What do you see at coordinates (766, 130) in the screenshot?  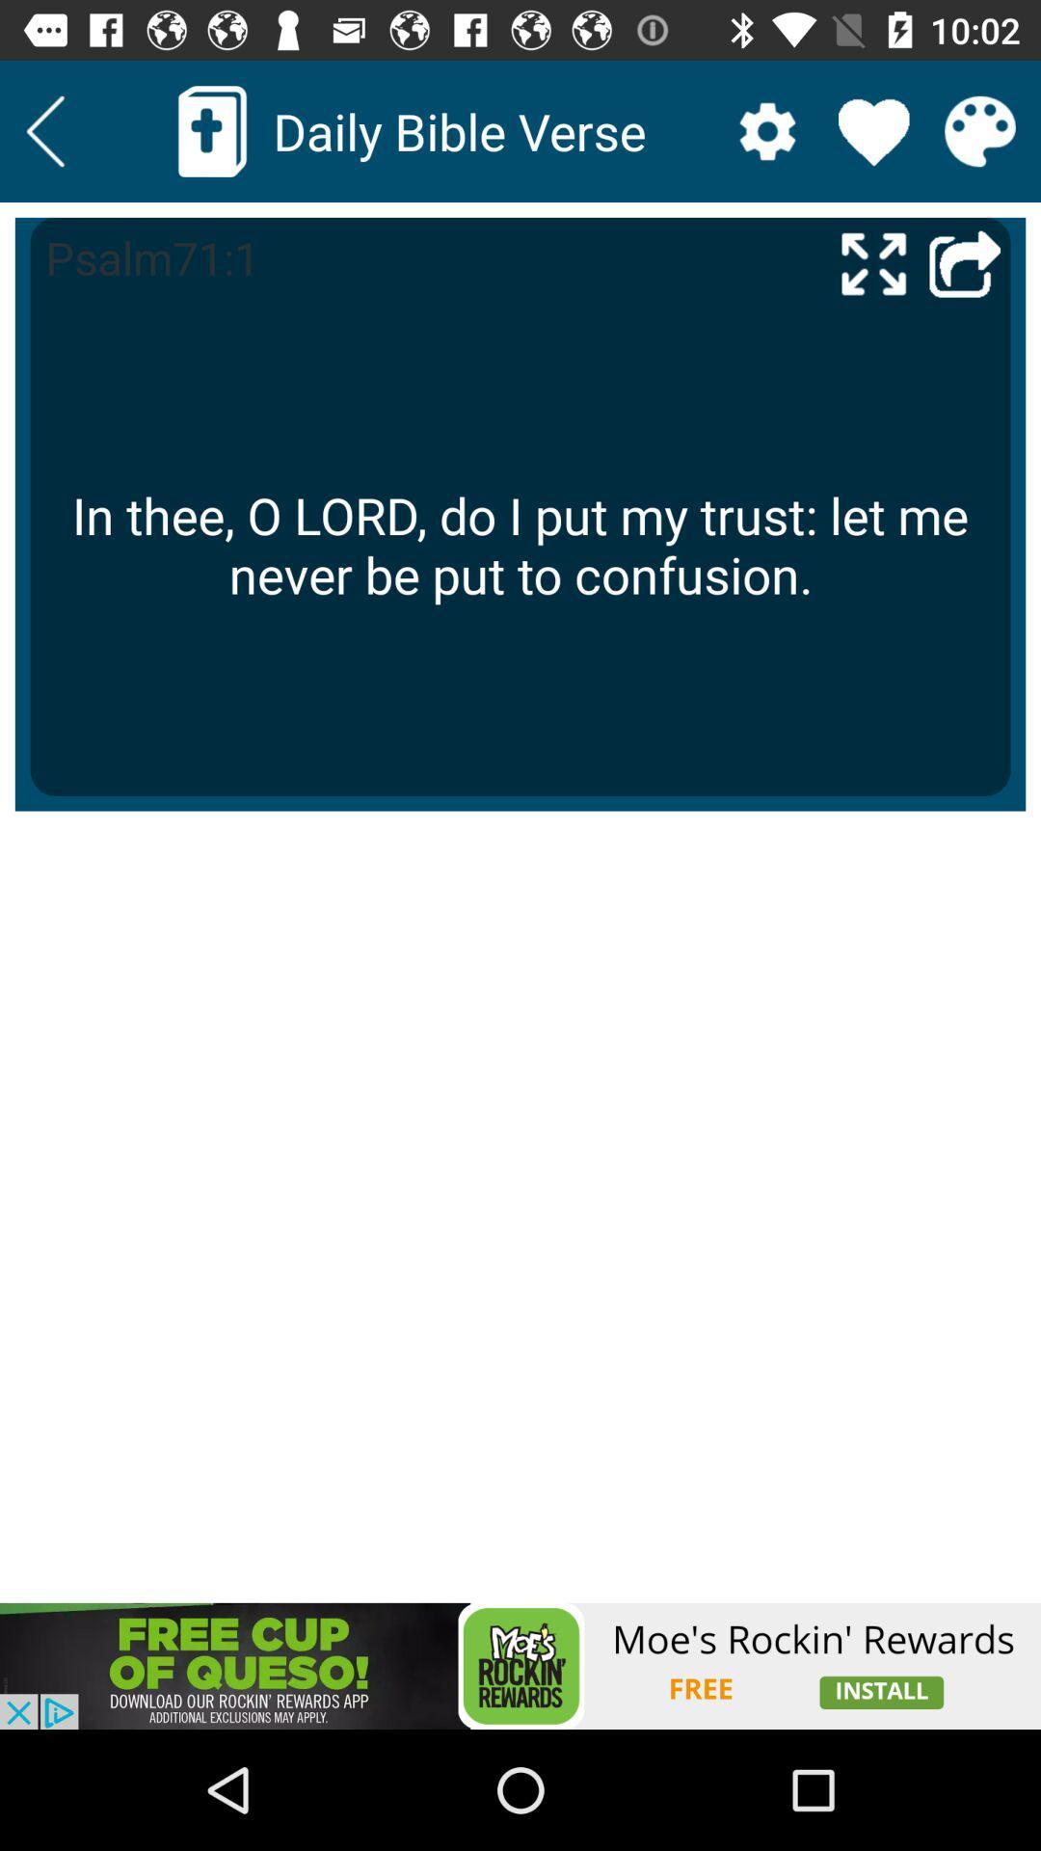 I see `the settings icon` at bounding box center [766, 130].